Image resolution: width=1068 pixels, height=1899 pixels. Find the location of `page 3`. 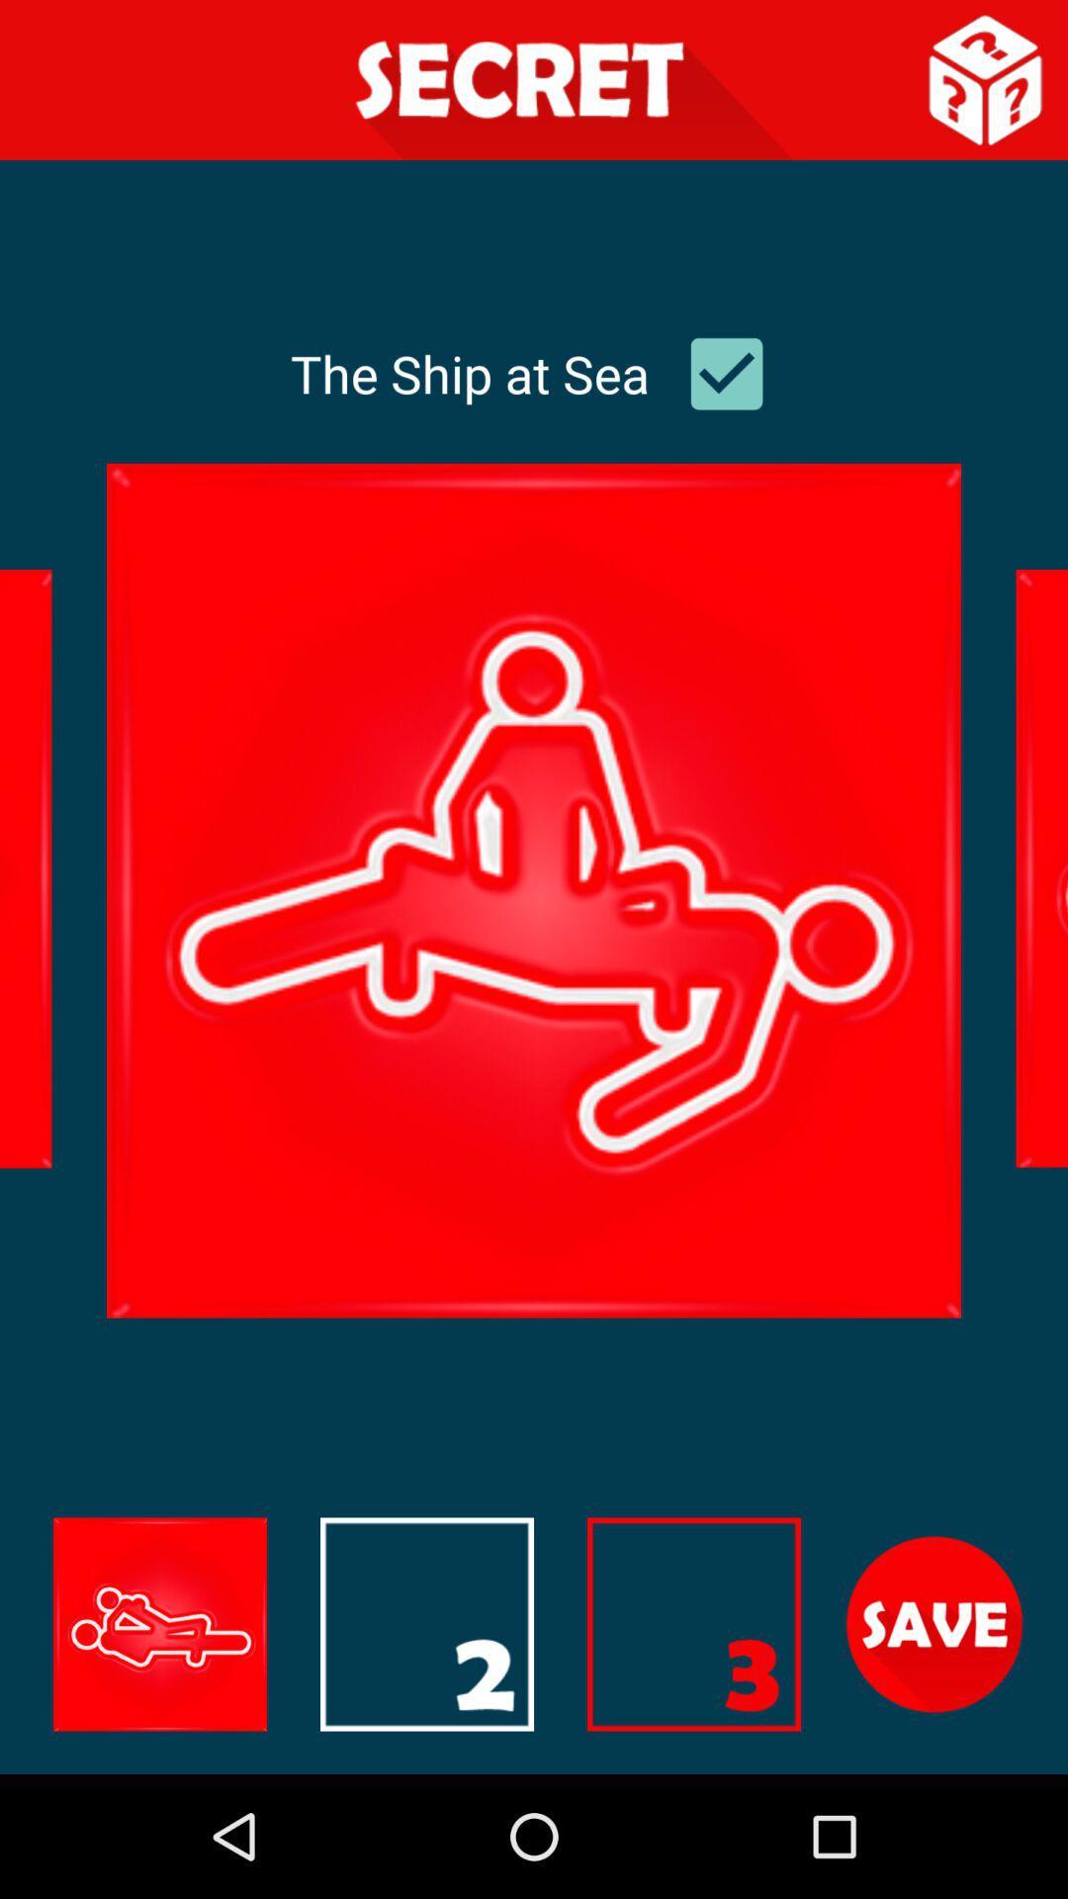

page 3 is located at coordinates (693, 1624).